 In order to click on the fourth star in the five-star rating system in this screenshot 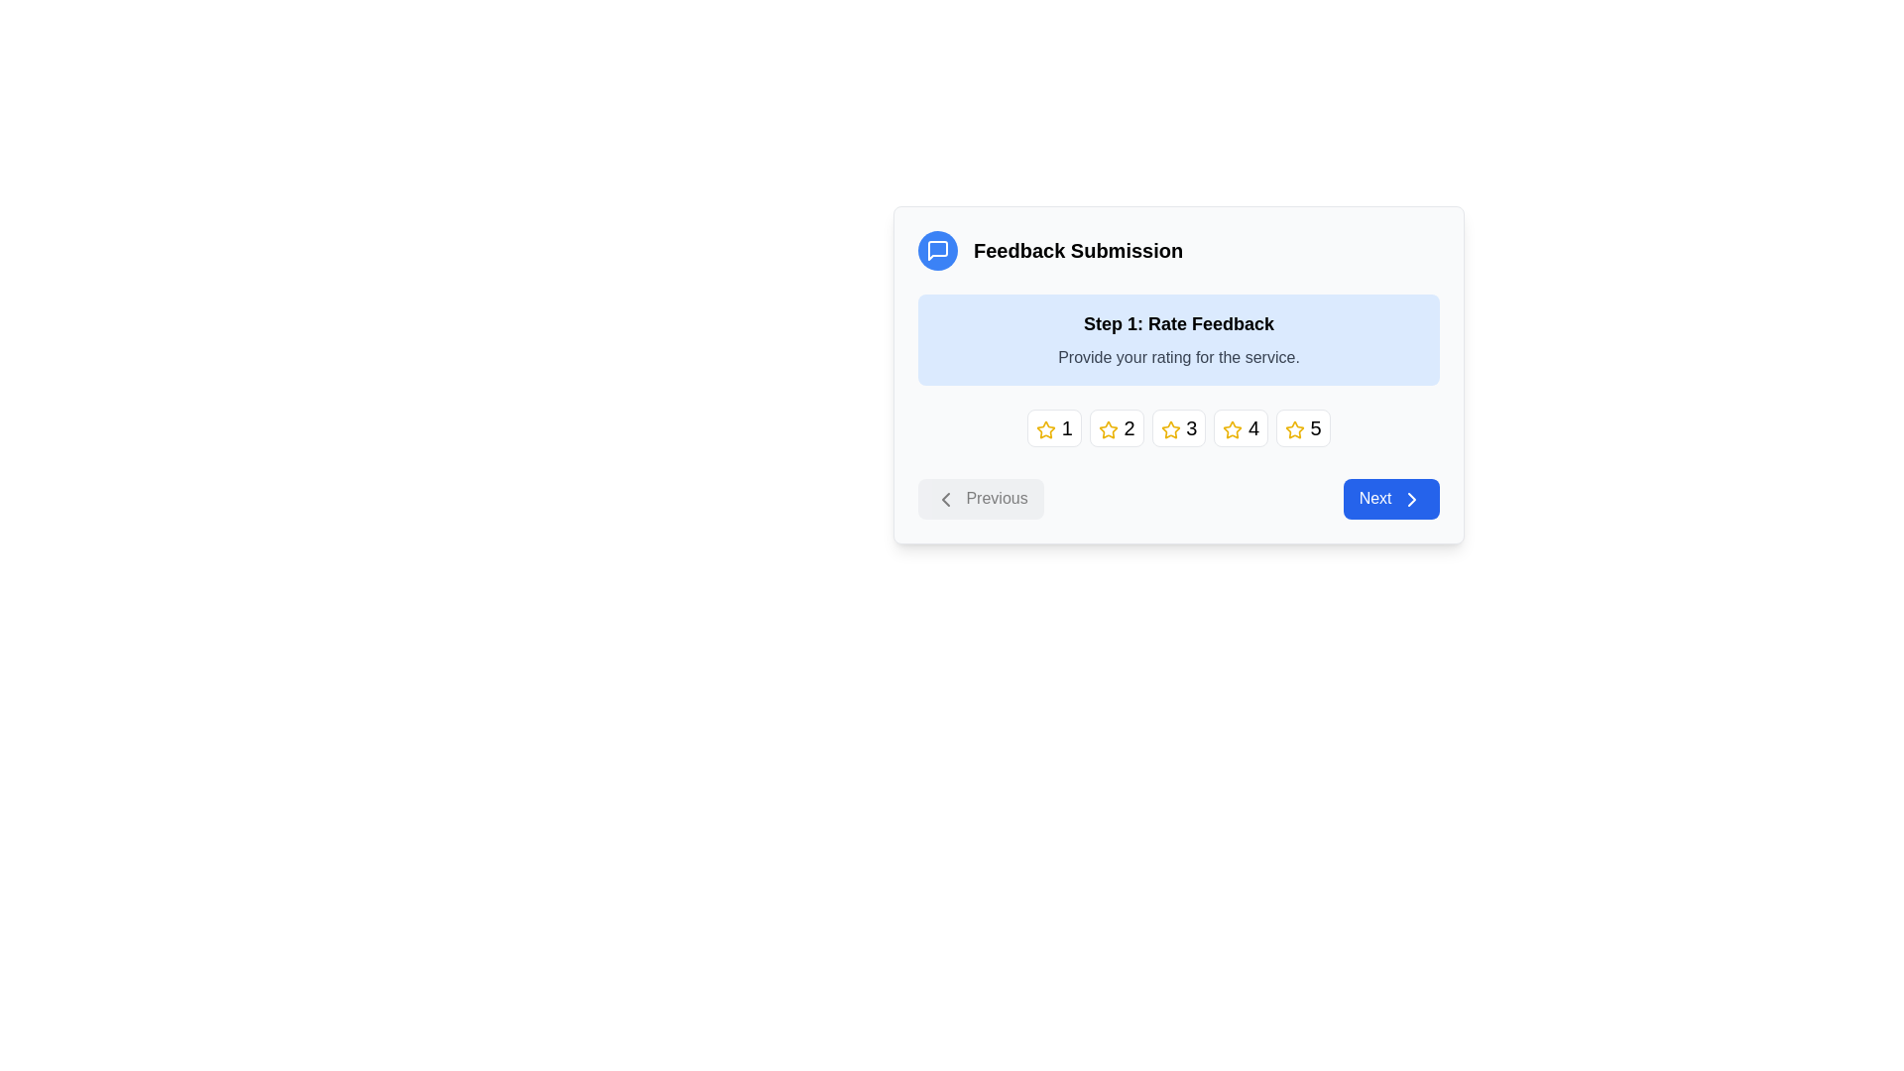, I will do `click(1232, 428)`.